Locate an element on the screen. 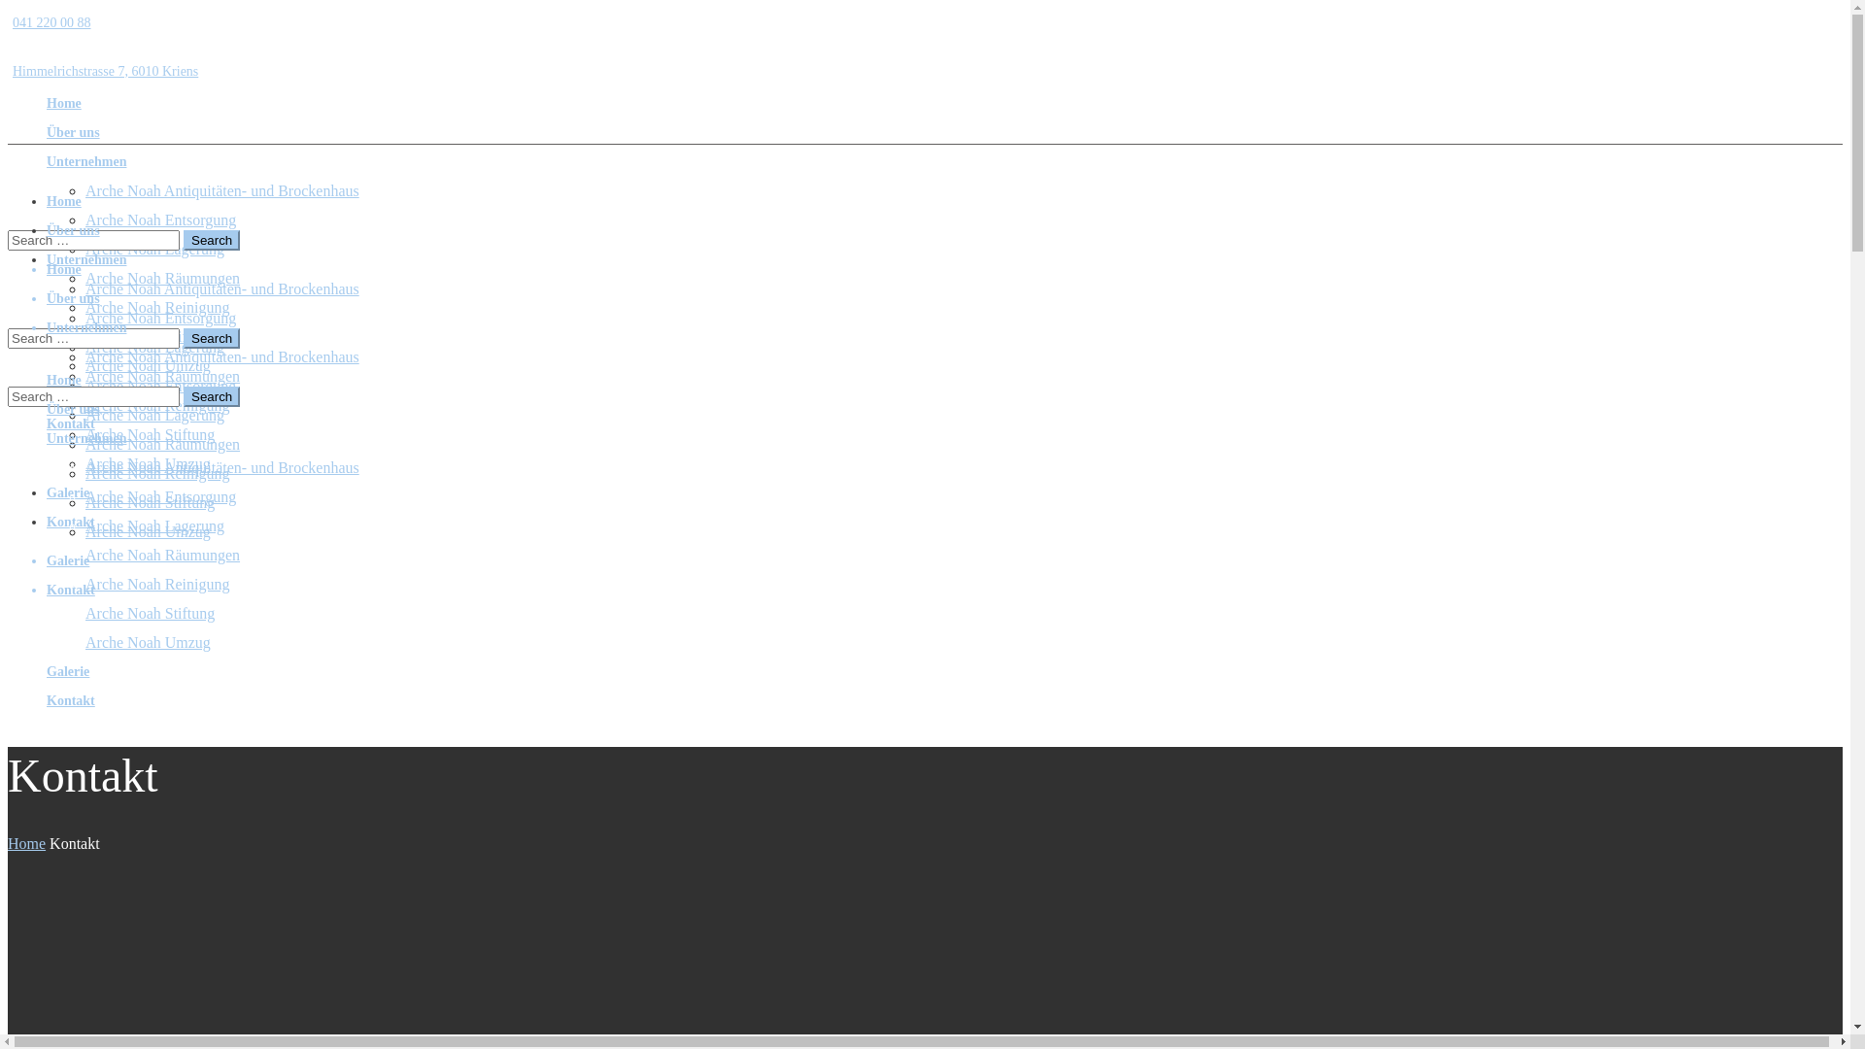 This screenshot has height=1049, width=1865. 'Galerie' is located at coordinates (68, 560).